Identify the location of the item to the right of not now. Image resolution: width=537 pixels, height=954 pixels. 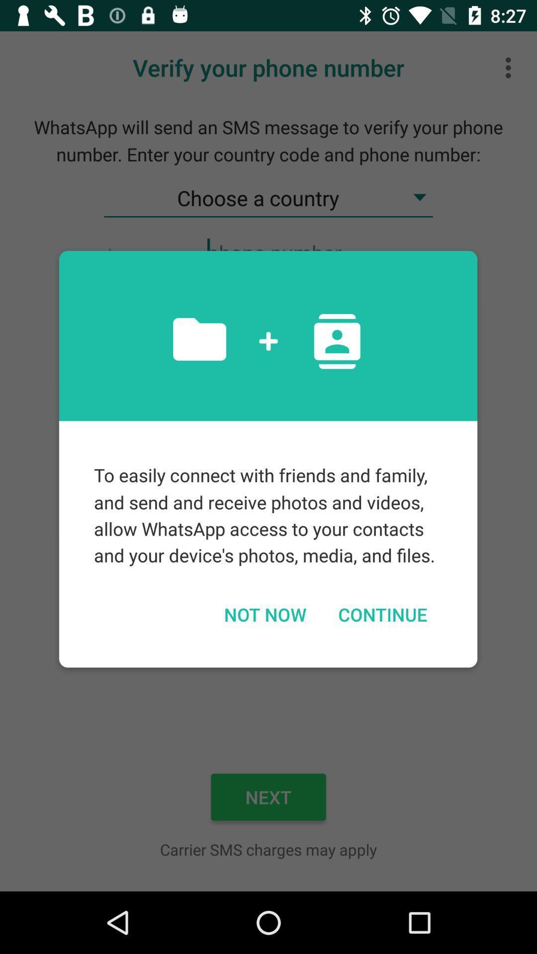
(382, 614).